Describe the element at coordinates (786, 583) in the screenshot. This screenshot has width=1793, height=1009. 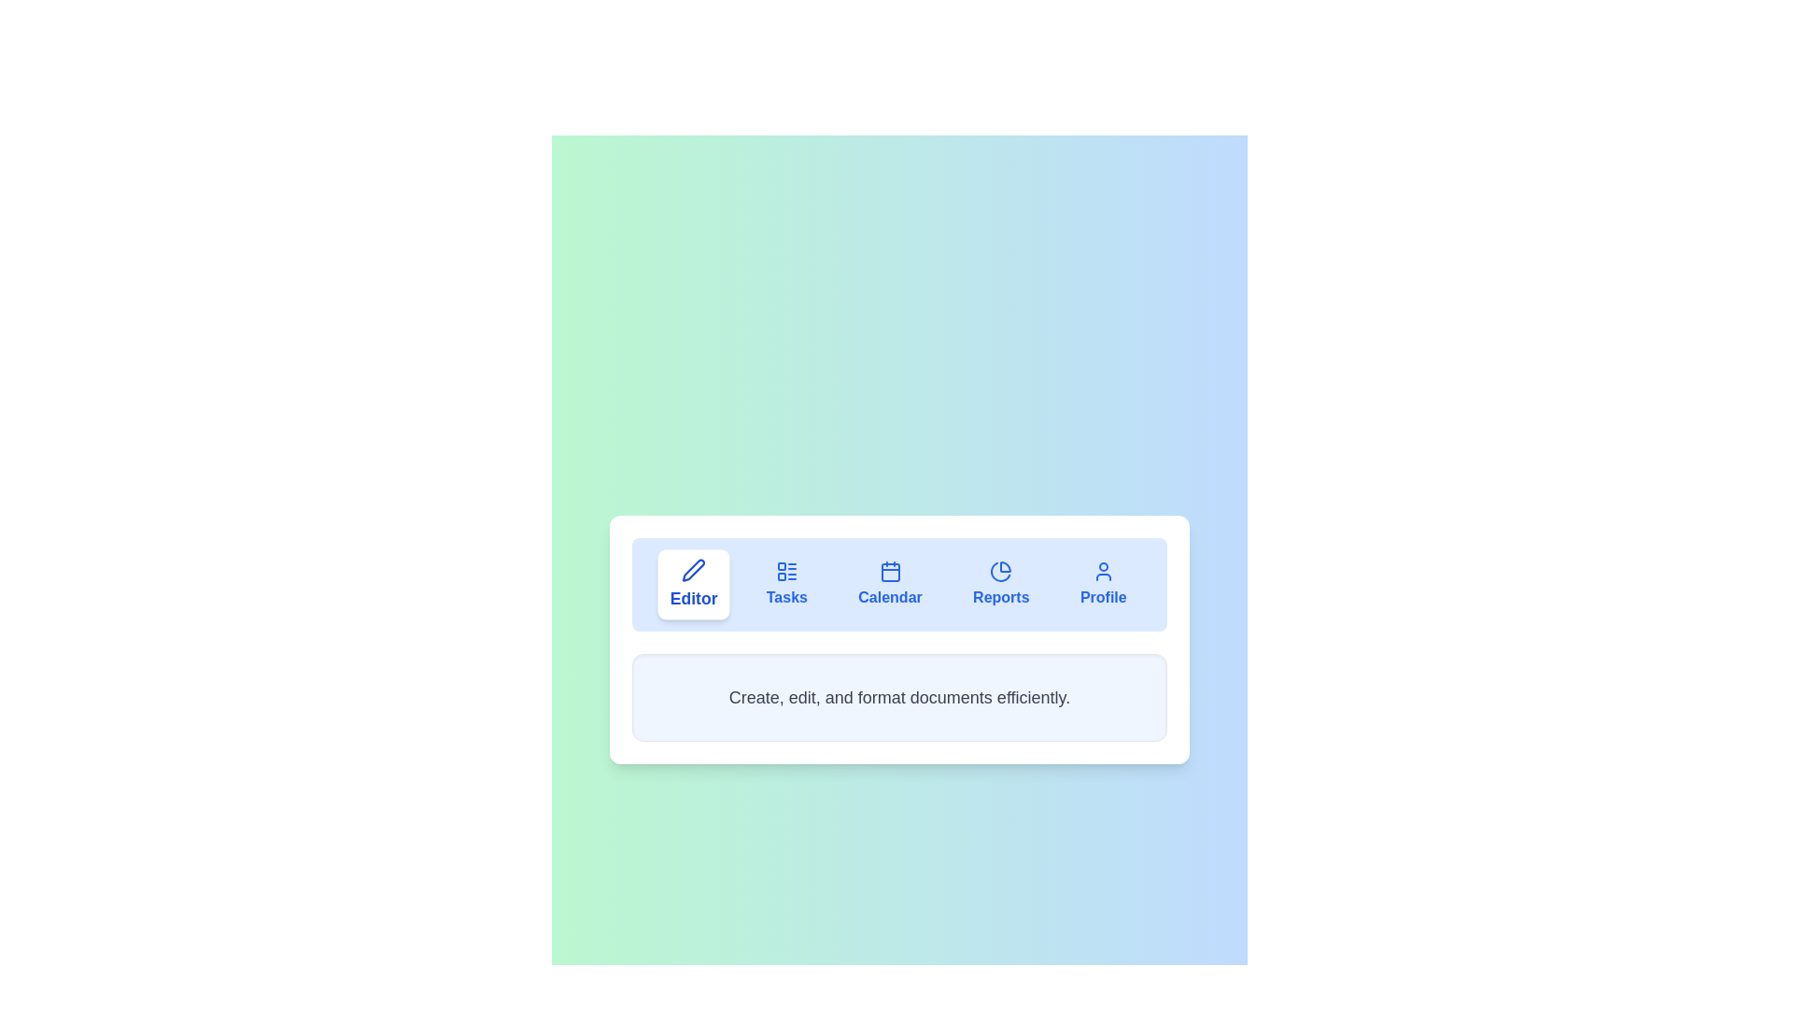
I see `the Tasks tab to observe its visual transition` at that location.